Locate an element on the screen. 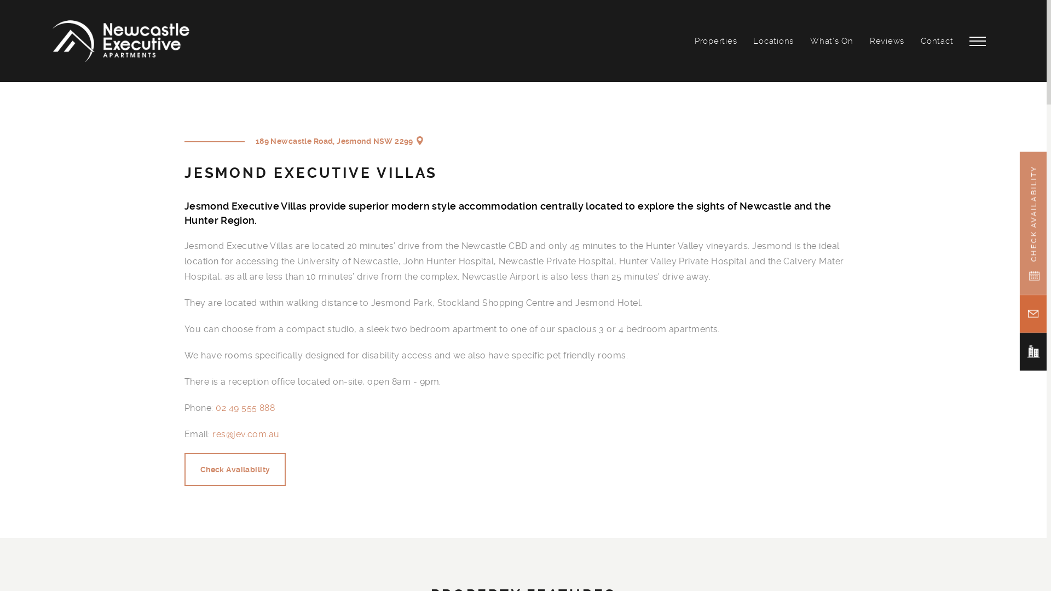 Image resolution: width=1051 pixels, height=591 pixels. 'Locations' is located at coordinates (772, 40).